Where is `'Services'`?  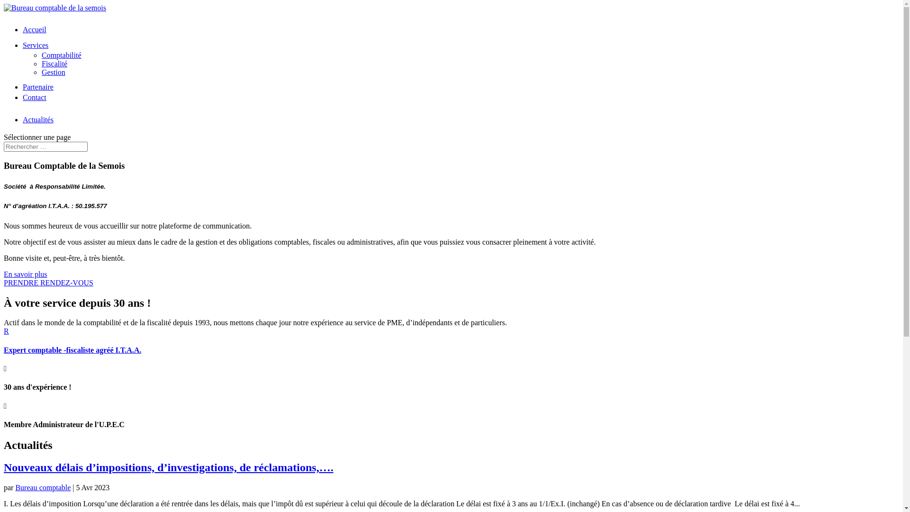 'Services' is located at coordinates (36, 45).